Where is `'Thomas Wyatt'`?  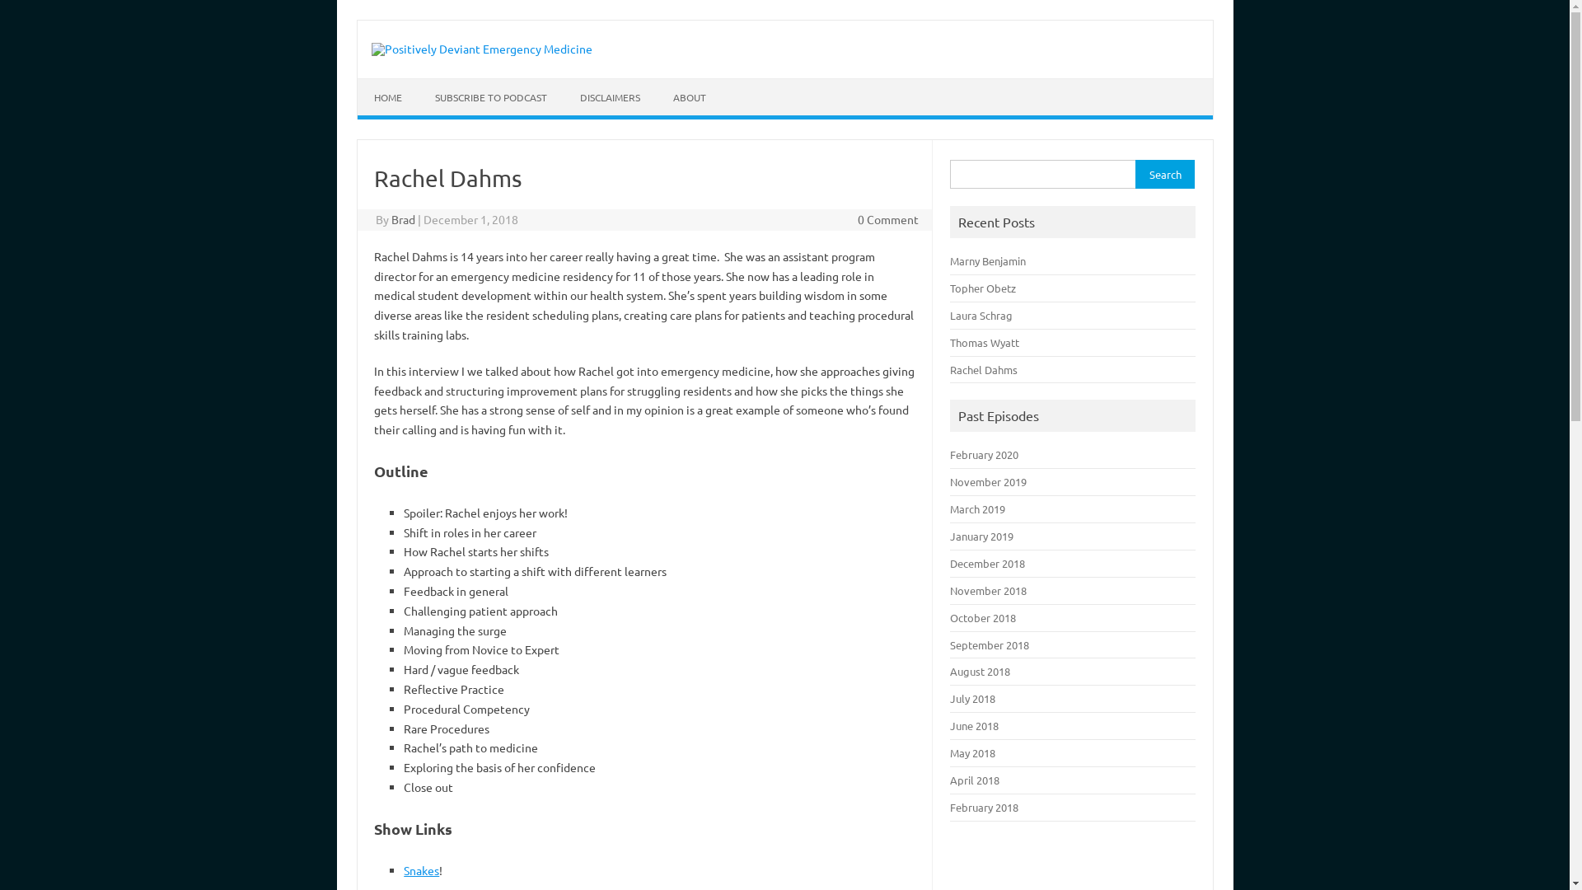
'Thomas Wyatt' is located at coordinates (949, 341).